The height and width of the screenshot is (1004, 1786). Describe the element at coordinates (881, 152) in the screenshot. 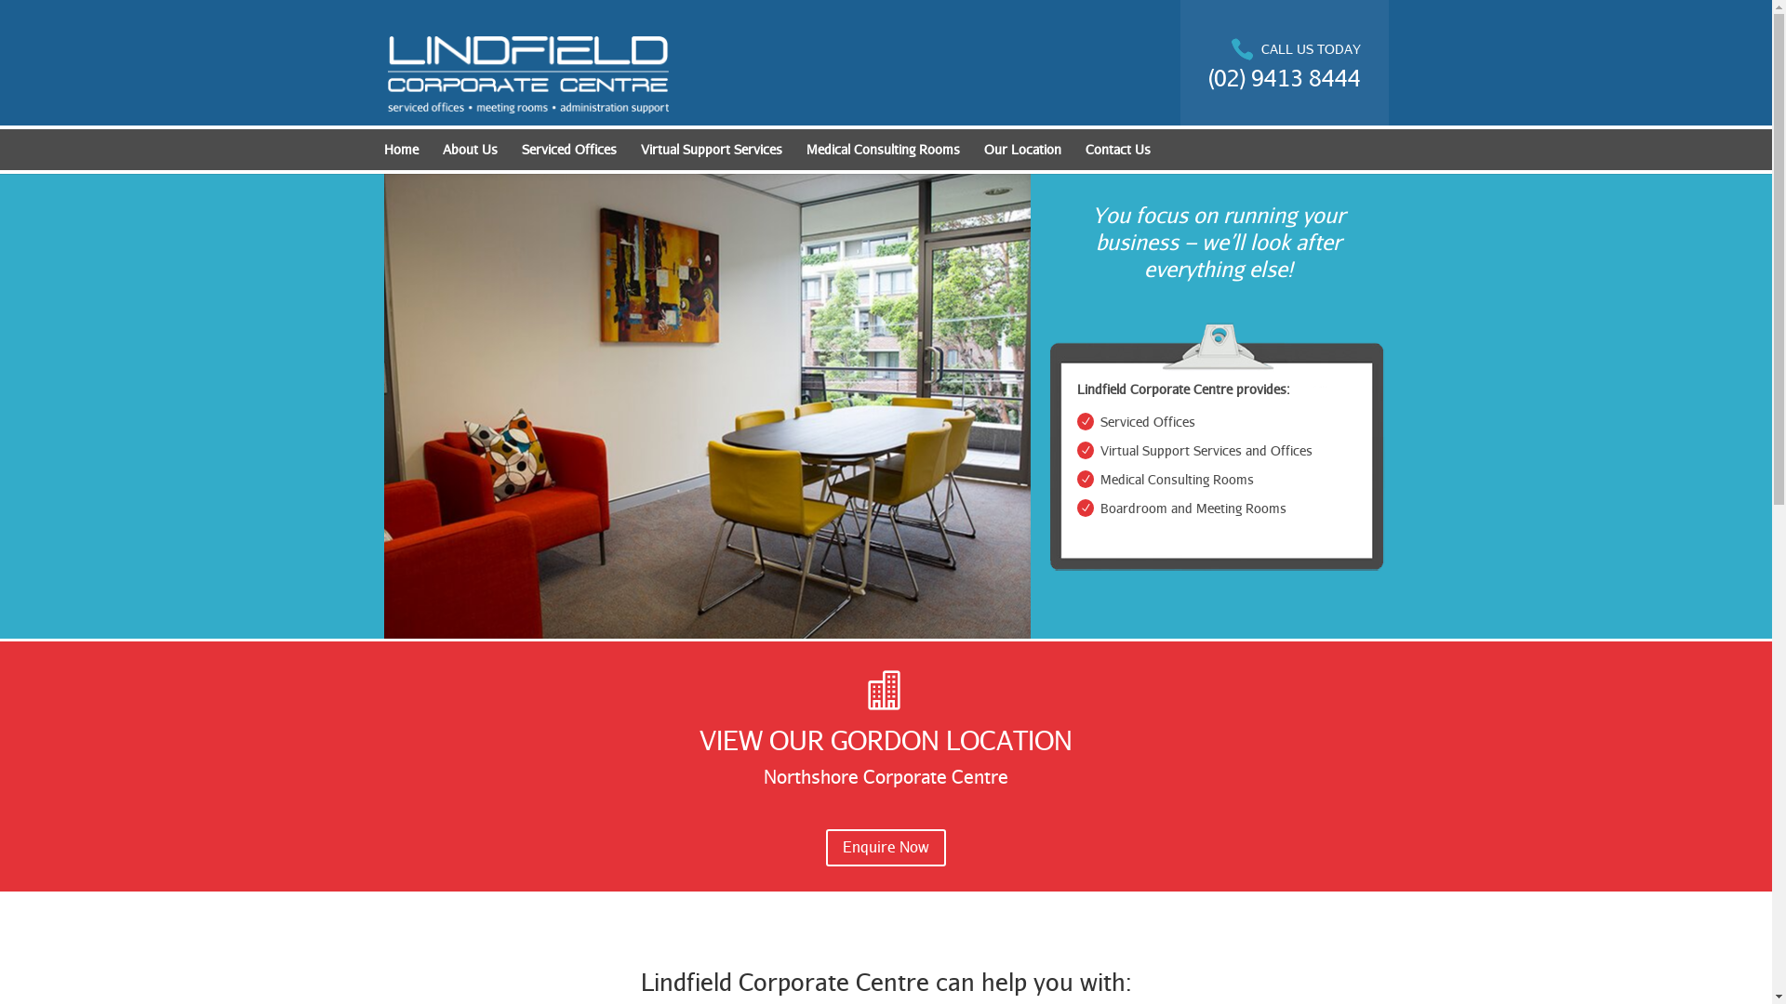

I see `'Medical Consulting Rooms'` at that location.